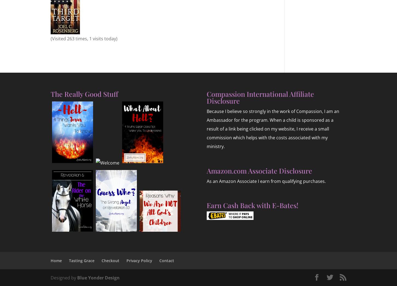 The width and height of the screenshot is (397, 286). Describe the element at coordinates (139, 260) in the screenshot. I see `'Privacy Policy'` at that location.